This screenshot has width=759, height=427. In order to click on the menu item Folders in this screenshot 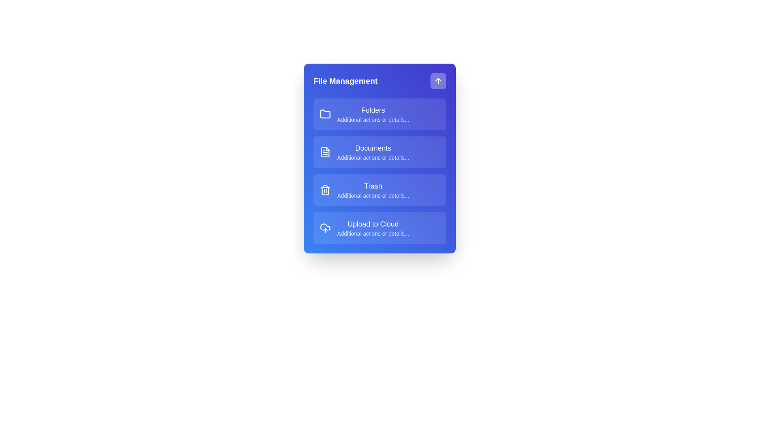, I will do `click(379, 114)`.